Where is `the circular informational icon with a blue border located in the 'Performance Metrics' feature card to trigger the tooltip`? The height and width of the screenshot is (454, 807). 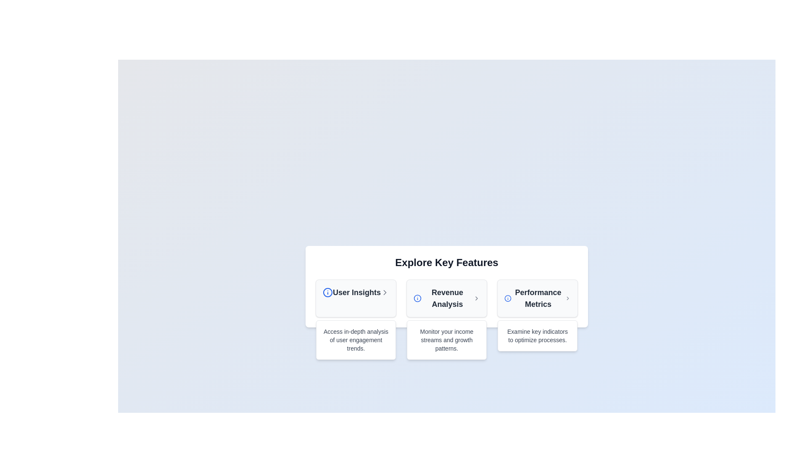
the circular informational icon with a blue border located in the 'Performance Metrics' feature card to trigger the tooltip is located at coordinates (507, 298).